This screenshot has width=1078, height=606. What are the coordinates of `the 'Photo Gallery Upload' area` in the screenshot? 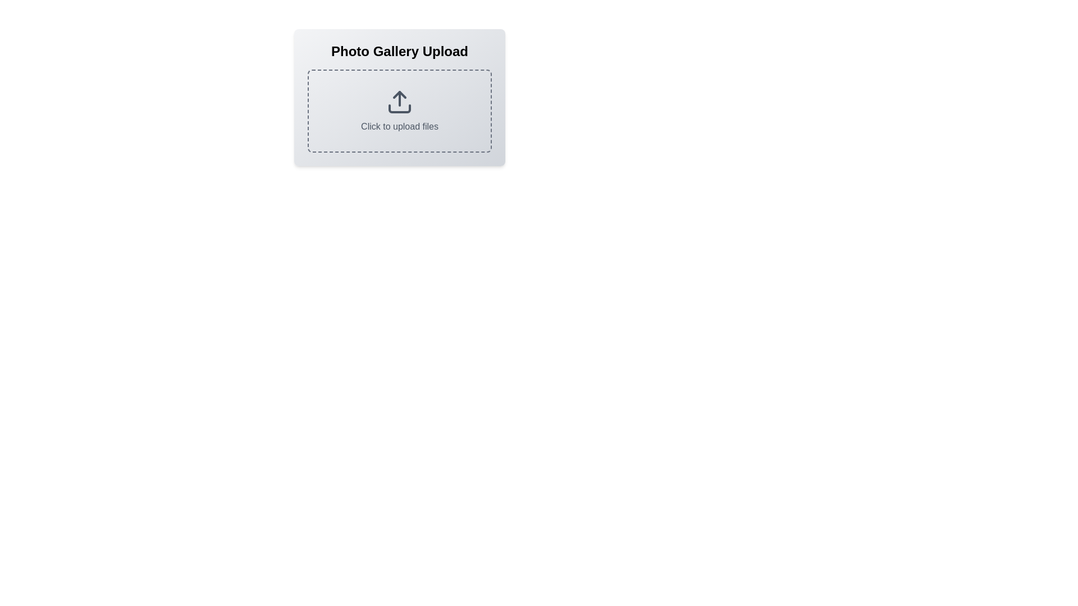 It's located at (399, 97).